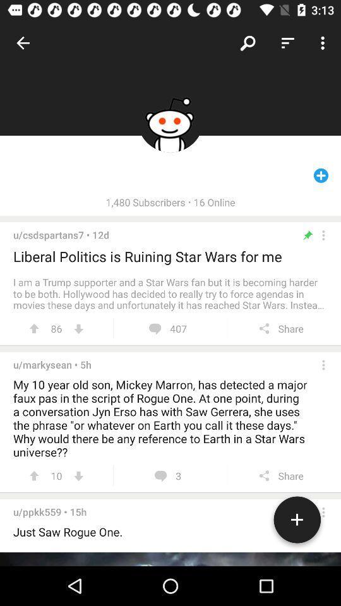 The image size is (341, 606). Describe the element at coordinates (323, 512) in the screenshot. I see `opens a menu` at that location.